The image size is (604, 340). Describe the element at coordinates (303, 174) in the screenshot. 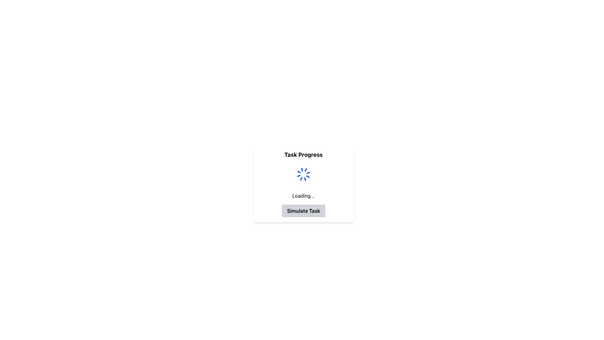

I see `the Animated Loader Icon, which is a spinning blue loader centered within the 'Task Progress' card, positioned above the 'Loading...' text` at that location.